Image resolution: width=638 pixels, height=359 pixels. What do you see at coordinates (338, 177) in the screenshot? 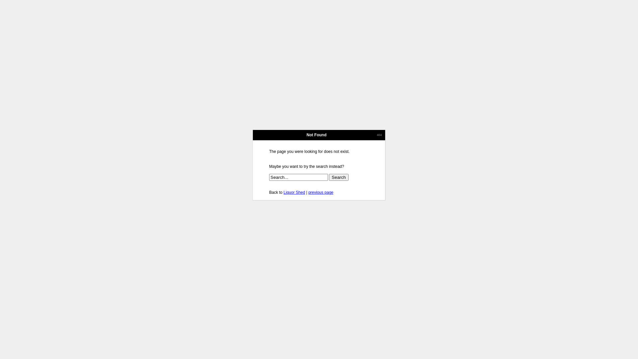
I see `'Search'` at bounding box center [338, 177].